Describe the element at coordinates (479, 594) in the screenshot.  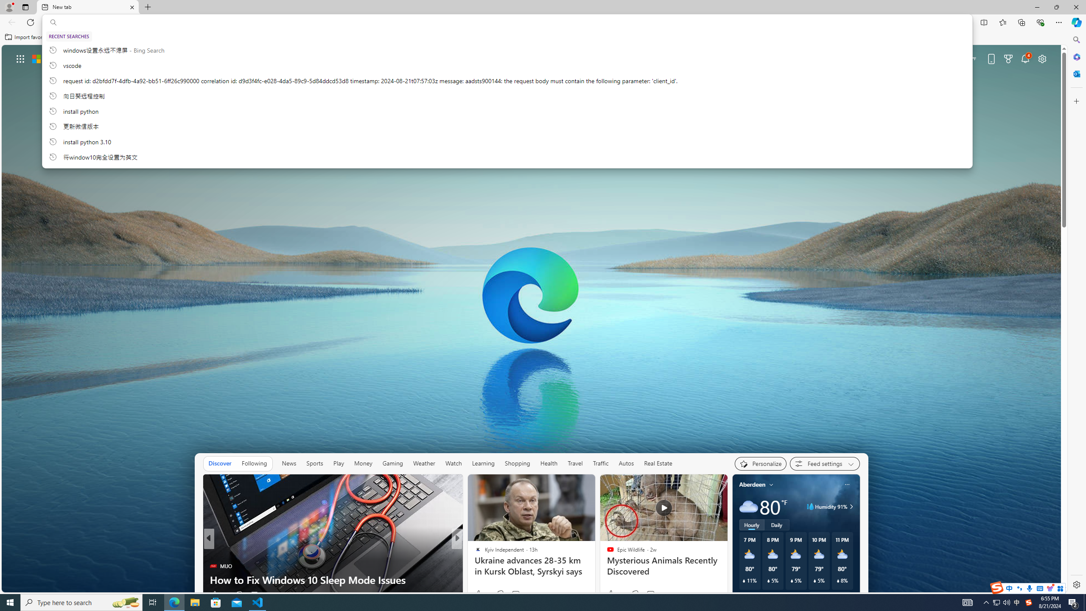
I see `'745 Like'` at that location.